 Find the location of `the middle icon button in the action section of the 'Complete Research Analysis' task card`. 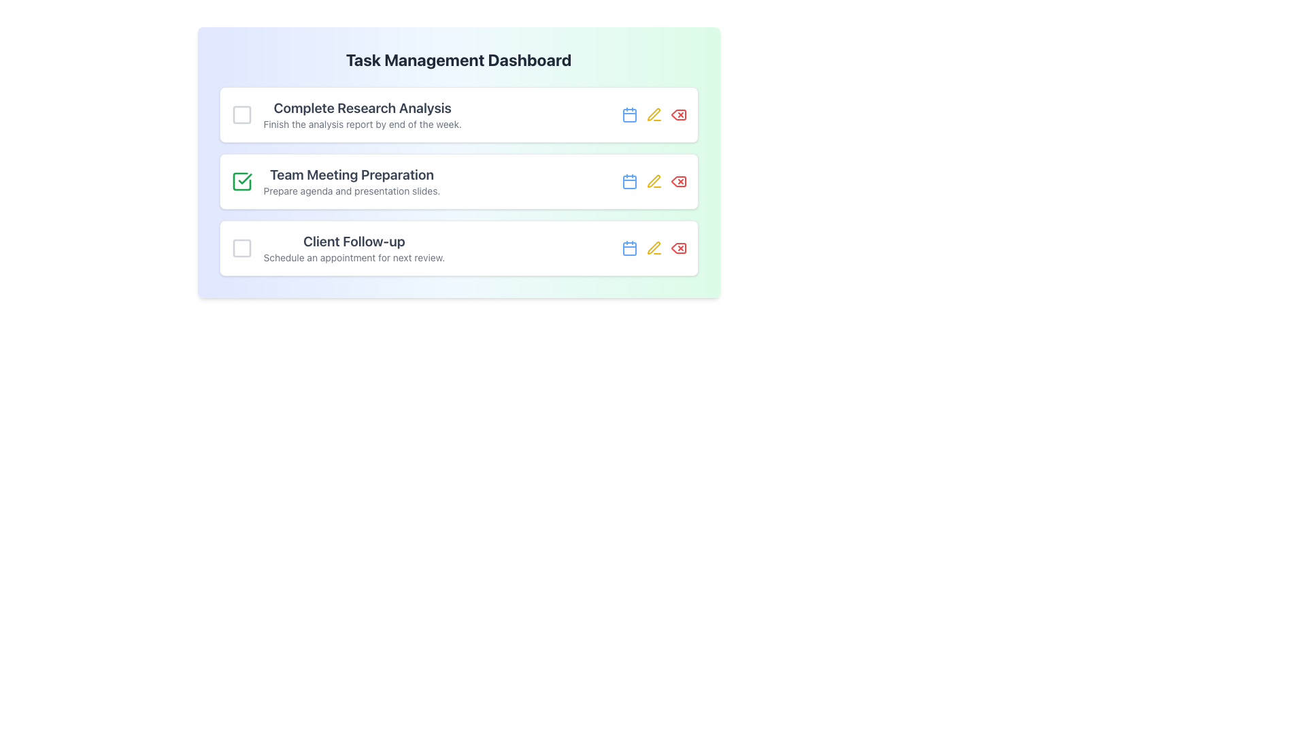

the middle icon button in the action section of the 'Complete Research Analysis' task card is located at coordinates (654, 114).